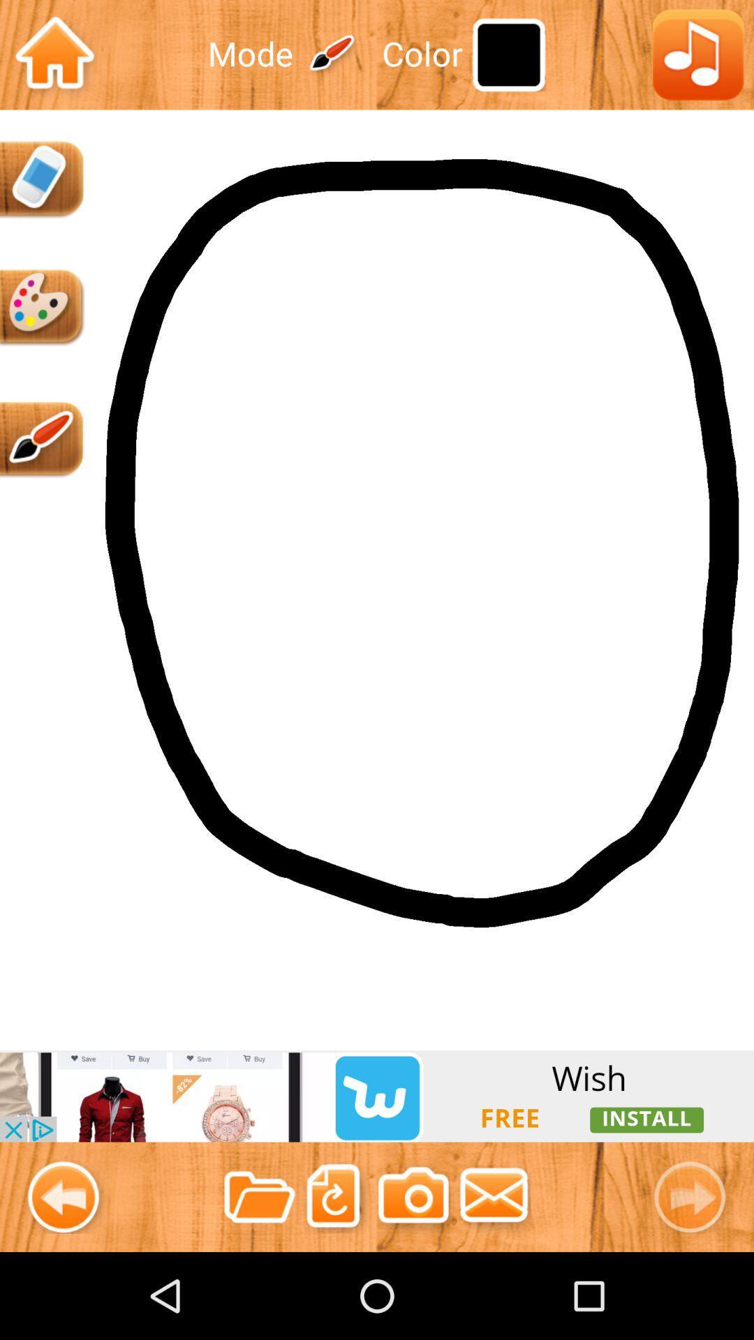  I want to click on open paint tray, so click(42, 307).